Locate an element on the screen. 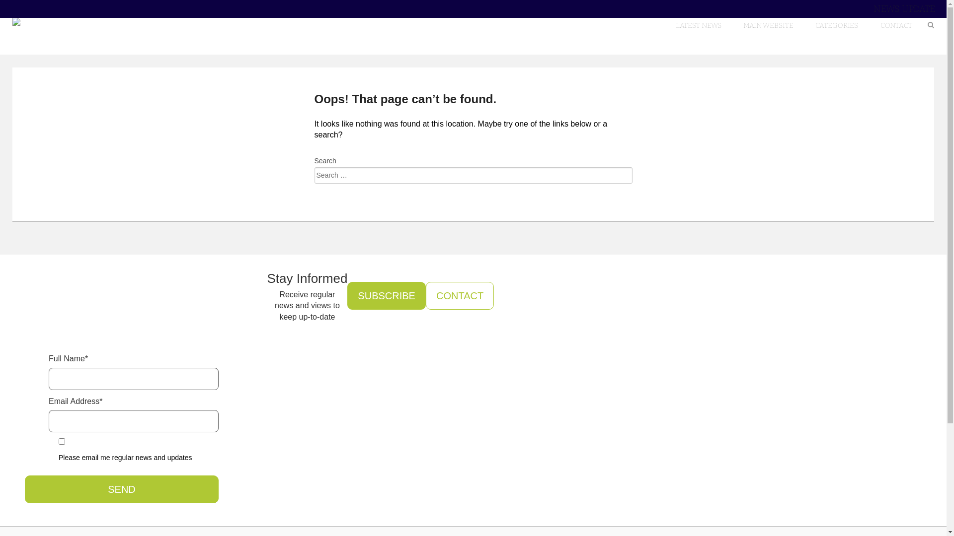  'Skip to content' is located at coordinates (911, 17).